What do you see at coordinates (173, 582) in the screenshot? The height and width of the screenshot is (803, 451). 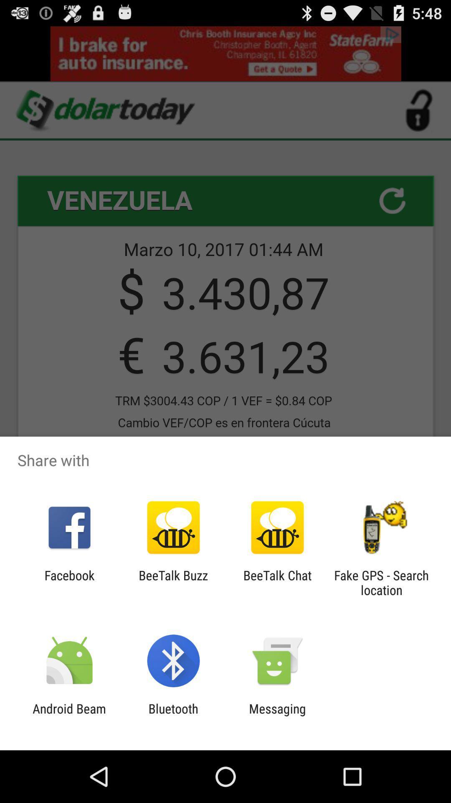 I see `icon to the left of beetalk chat icon` at bounding box center [173, 582].